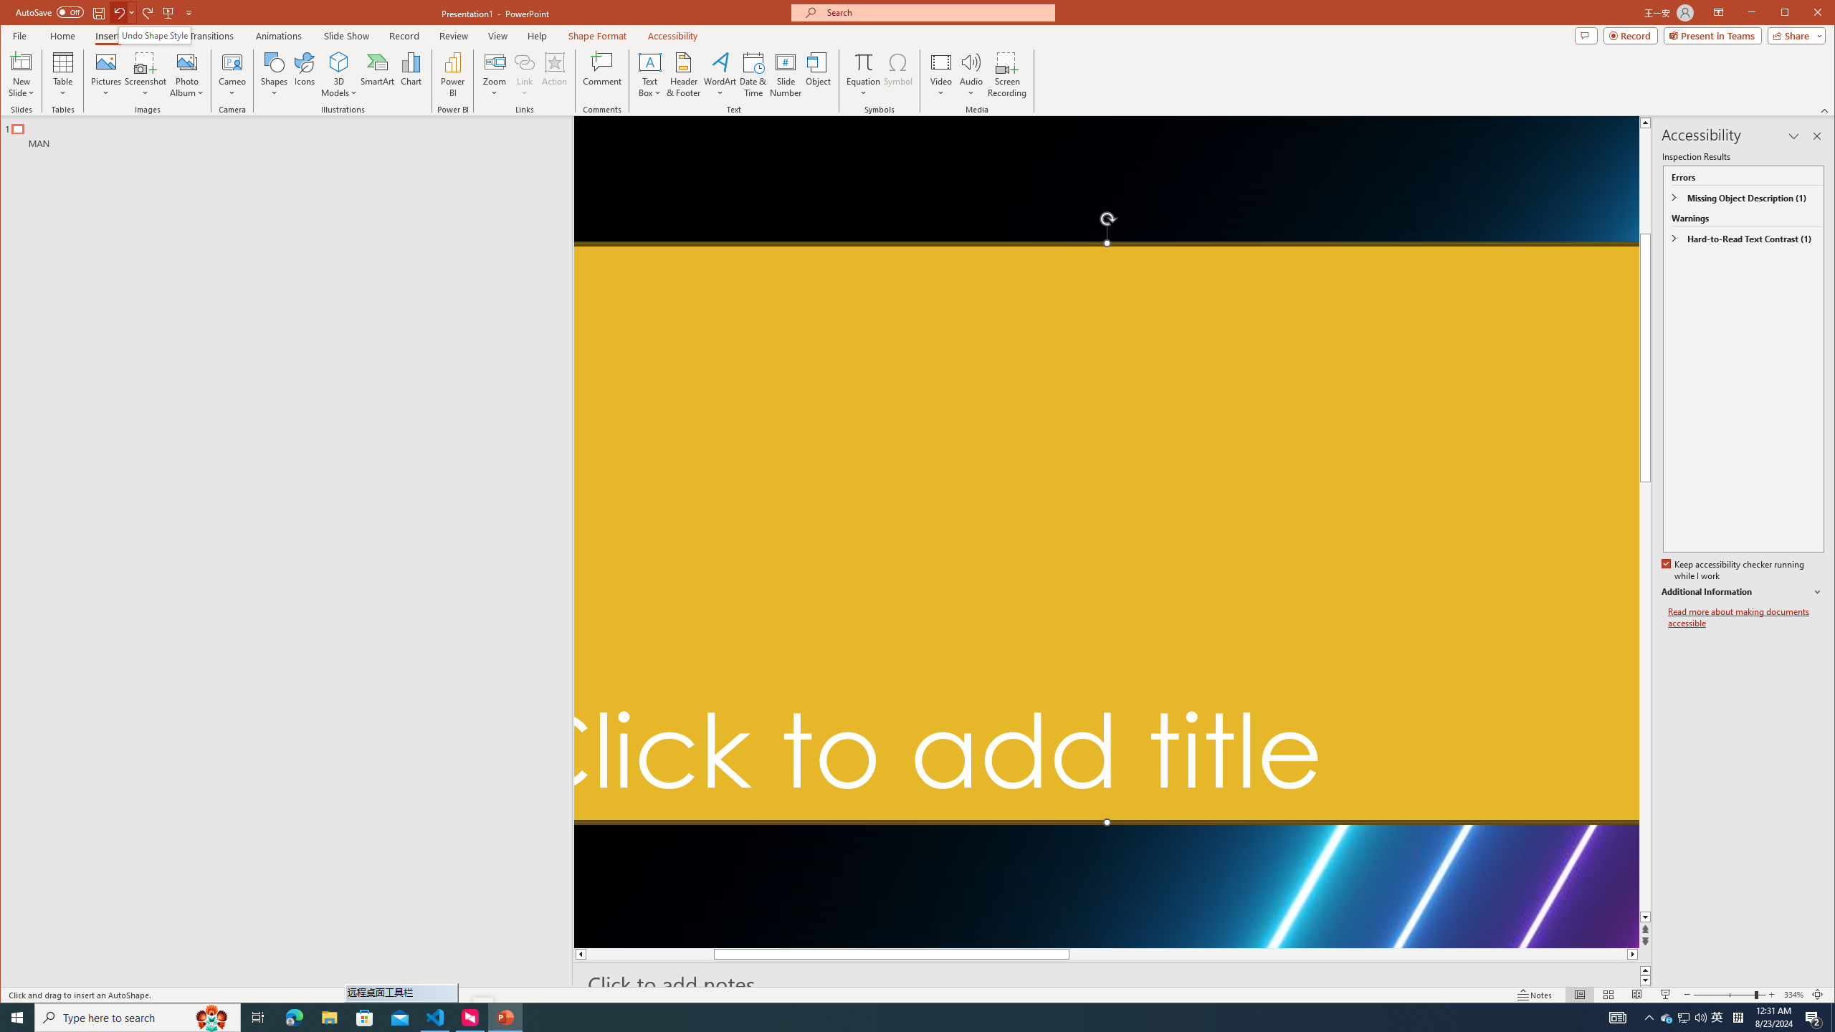 This screenshot has width=1835, height=1032. Describe the element at coordinates (17, 1016) in the screenshot. I see `'Start'` at that location.